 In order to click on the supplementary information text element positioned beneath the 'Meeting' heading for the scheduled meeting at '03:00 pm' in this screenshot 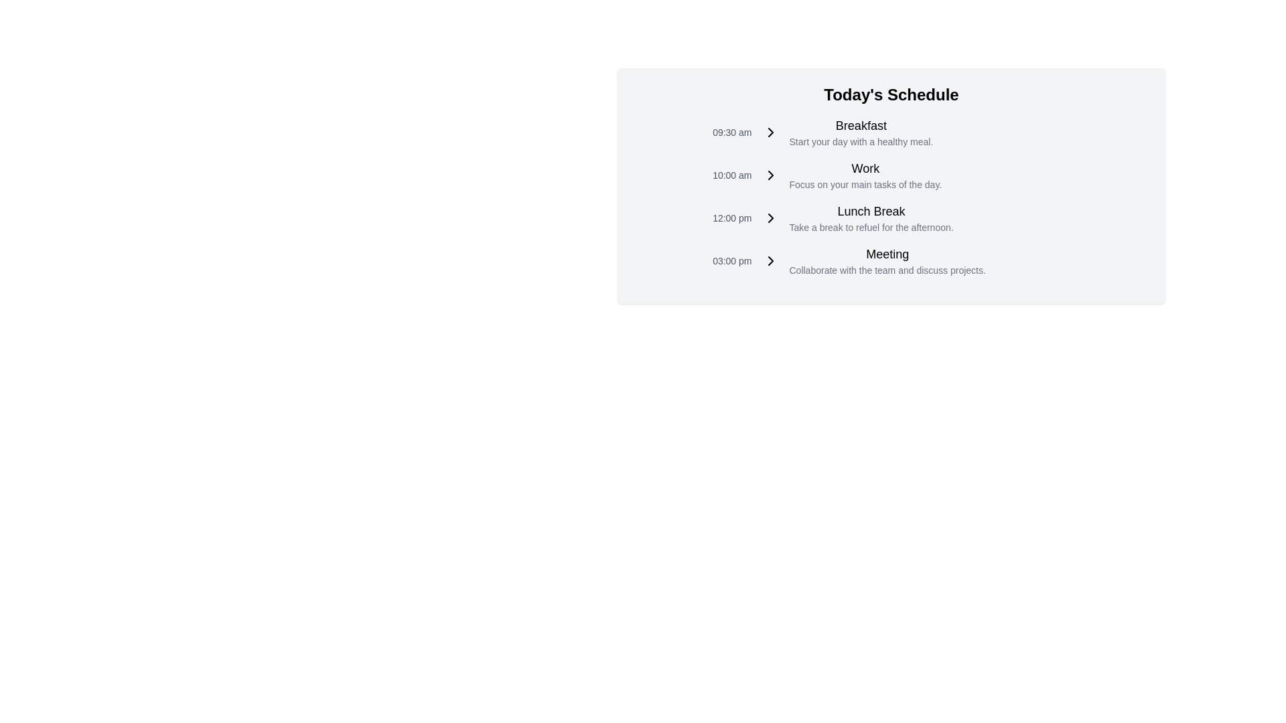, I will do `click(887, 270)`.